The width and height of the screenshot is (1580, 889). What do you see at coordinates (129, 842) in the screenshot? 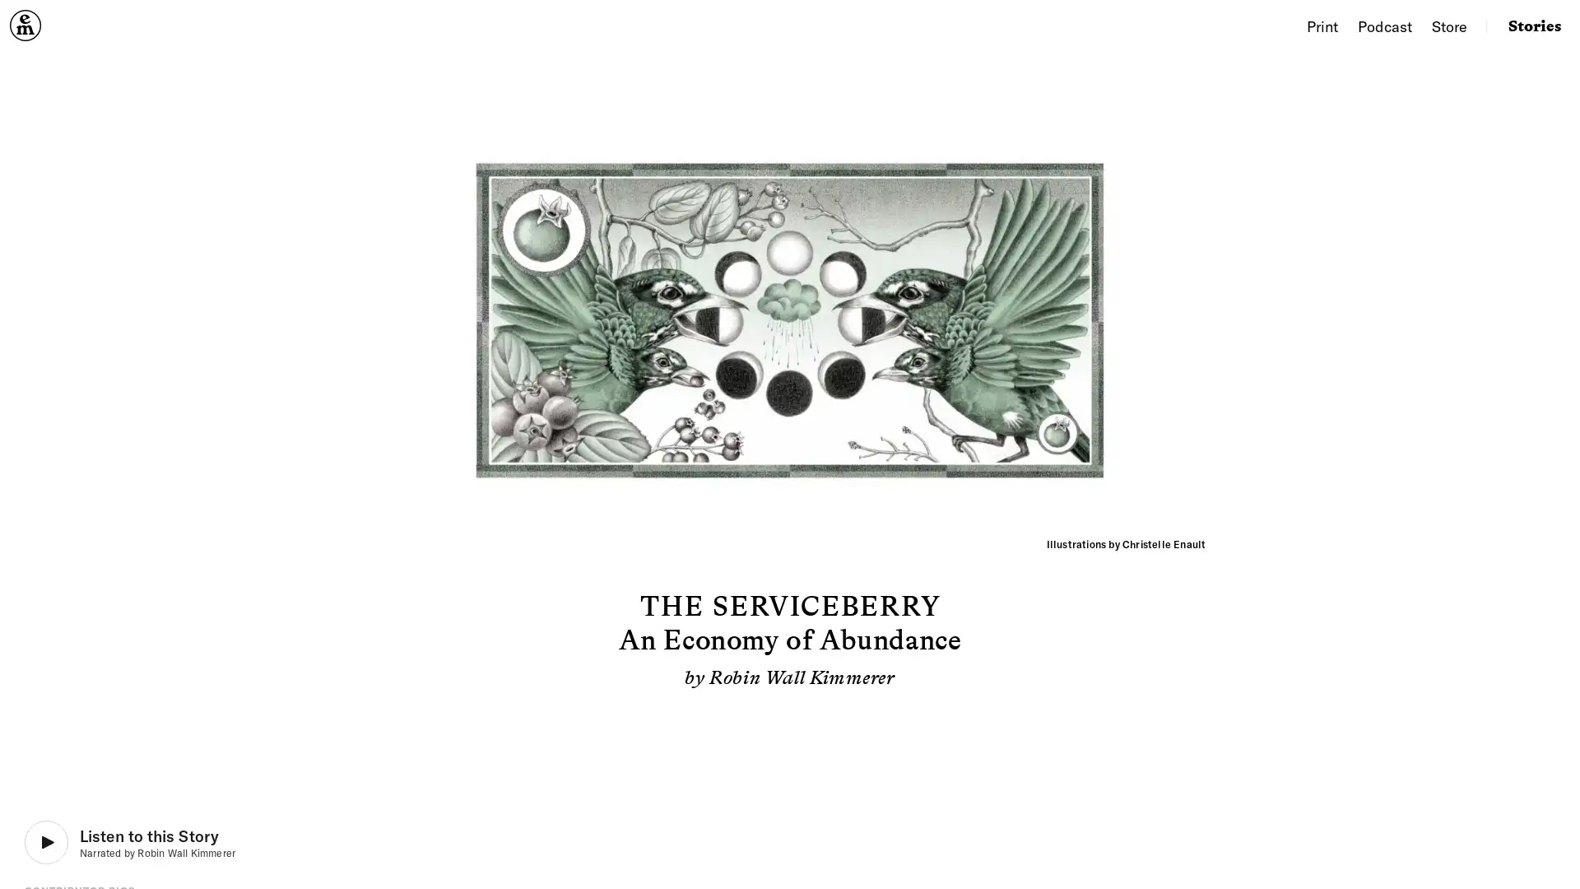
I see `Play` at bounding box center [129, 842].